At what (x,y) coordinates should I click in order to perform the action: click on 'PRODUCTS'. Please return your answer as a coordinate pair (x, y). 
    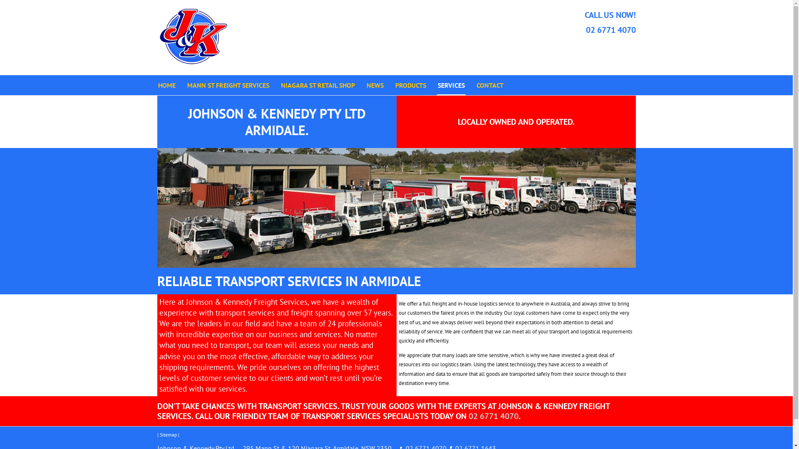
    Looking at the image, I should click on (411, 85).